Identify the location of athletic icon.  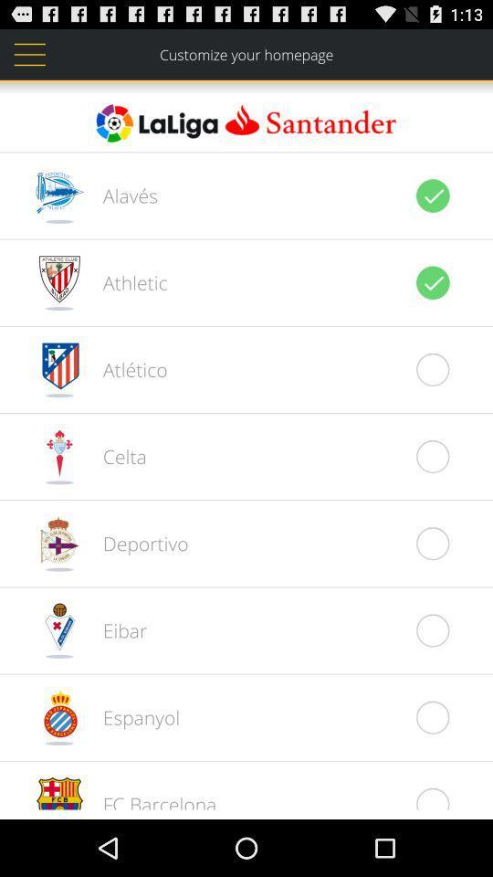
(124, 282).